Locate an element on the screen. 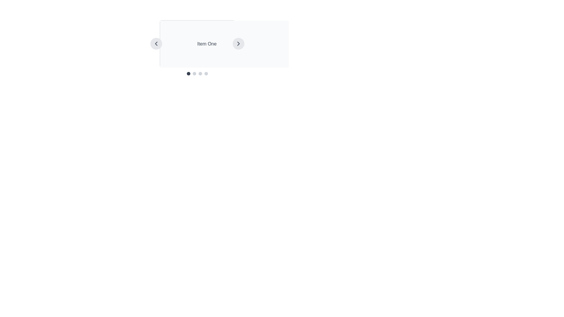 The width and height of the screenshot is (564, 317). the left navigation arrow in the carousel located adjacent to the 'Item One' box is located at coordinates (156, 43).